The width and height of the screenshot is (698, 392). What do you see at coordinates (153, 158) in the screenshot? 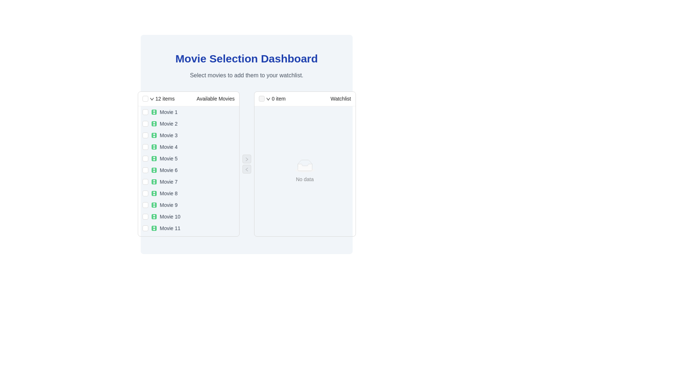
I see `the icon representing 'Movie 5' in the 'Available Movies' list to enhance interface readability` at bounding box center [153, 158].